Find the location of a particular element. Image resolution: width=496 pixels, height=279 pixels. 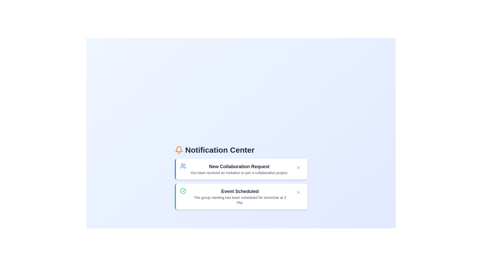

the text label that serves as the title for the notification item, located at the top-center of the notification panel is located at coordinates (239, 166).